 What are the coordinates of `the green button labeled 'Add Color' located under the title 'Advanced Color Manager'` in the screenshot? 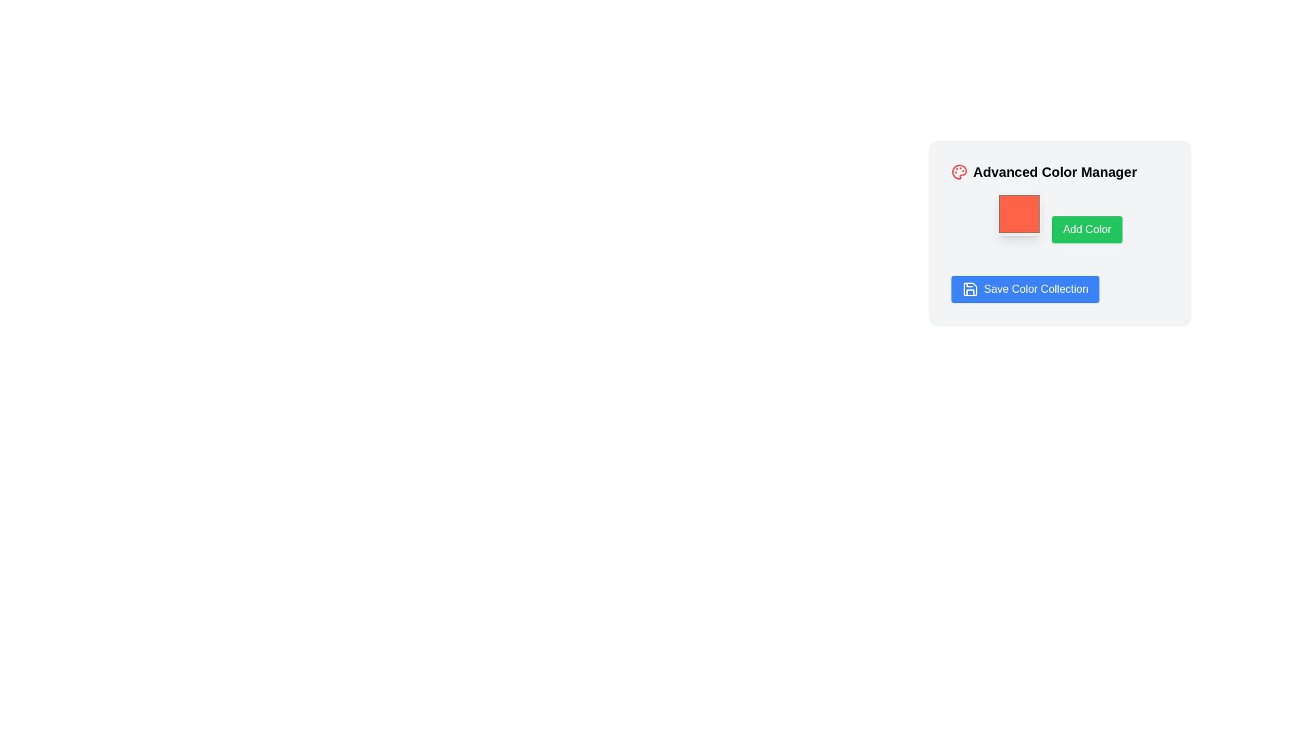 It's located at (1059, 232).